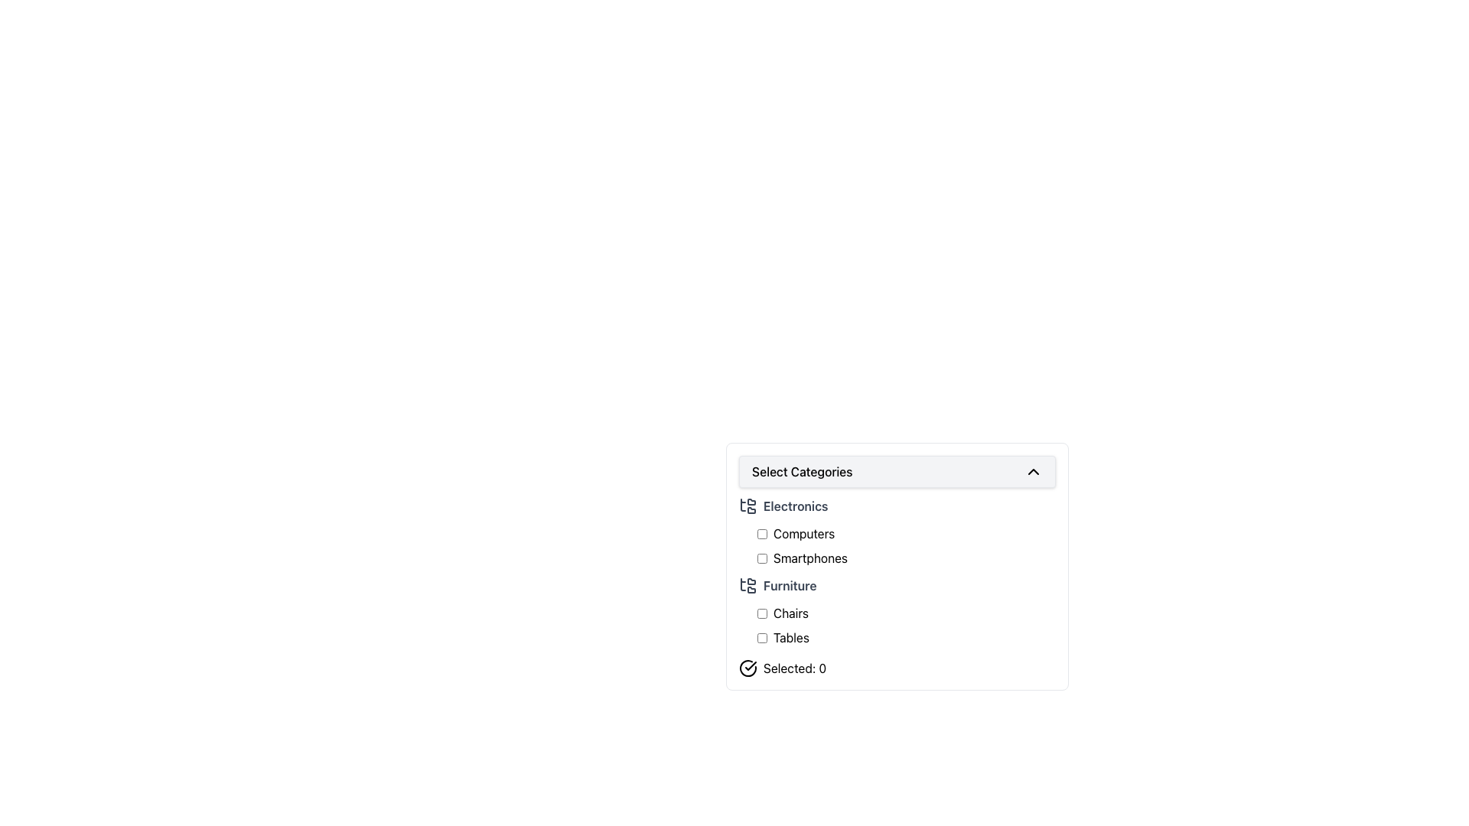 The width and height of the screenshot is (1469, 826). I want to click on the folder-tree icon representing the 'Electronics' category, which visually indicates its hierarchical nature, located immediately before the text 'Electronics', so click(748, 506).